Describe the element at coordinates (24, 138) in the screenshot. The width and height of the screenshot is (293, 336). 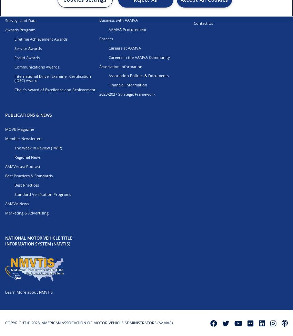
I see `'Member Newsletters'` at that location.